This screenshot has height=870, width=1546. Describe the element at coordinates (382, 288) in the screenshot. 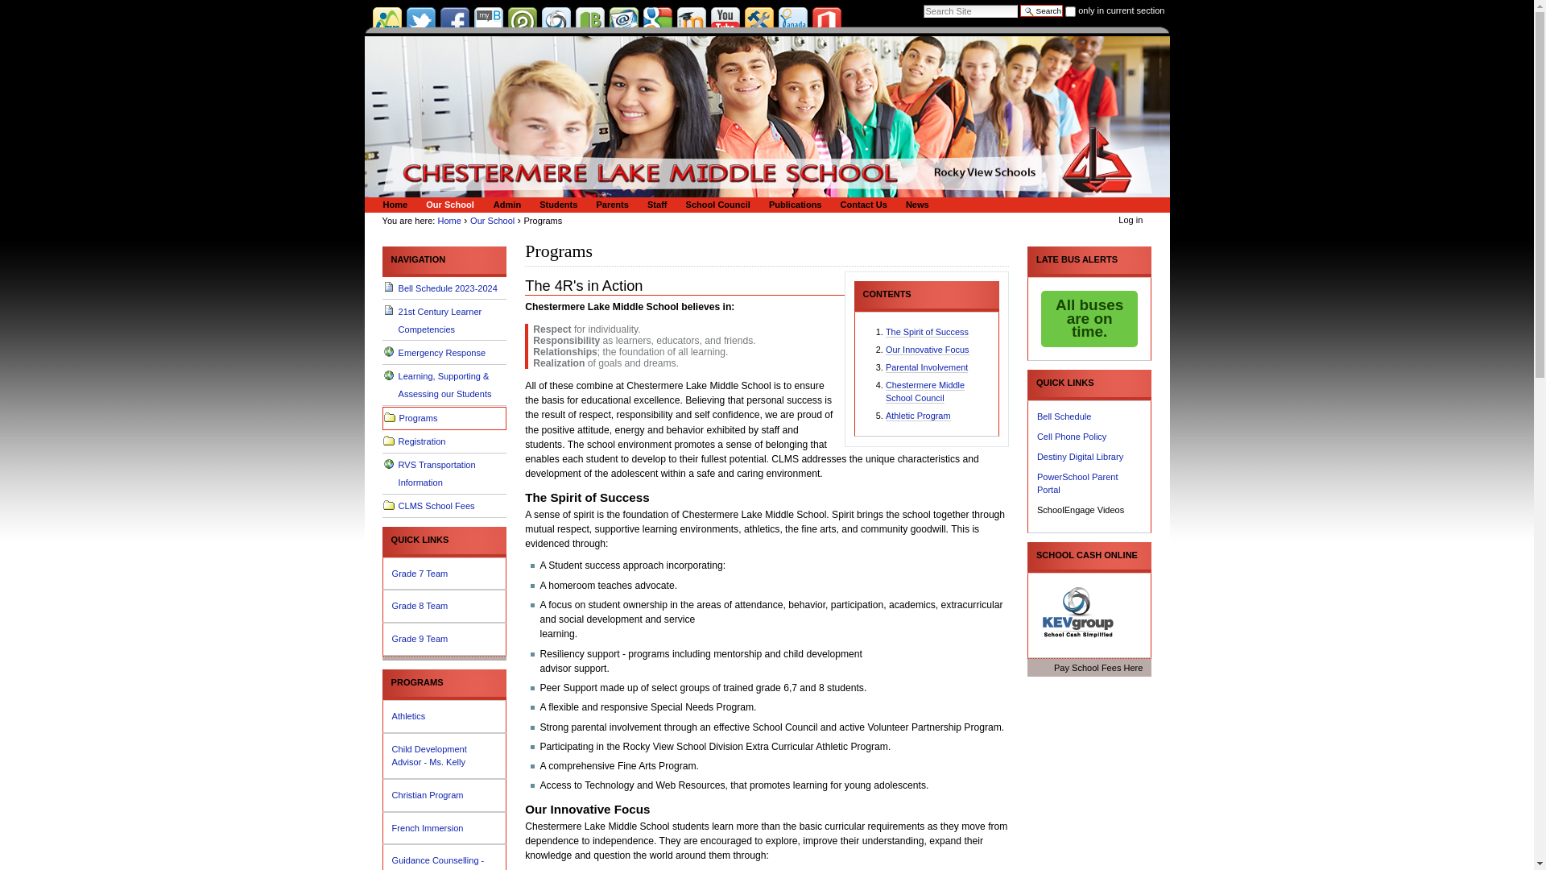

I see `'Bell Schedule 2023-2024'` at that location.